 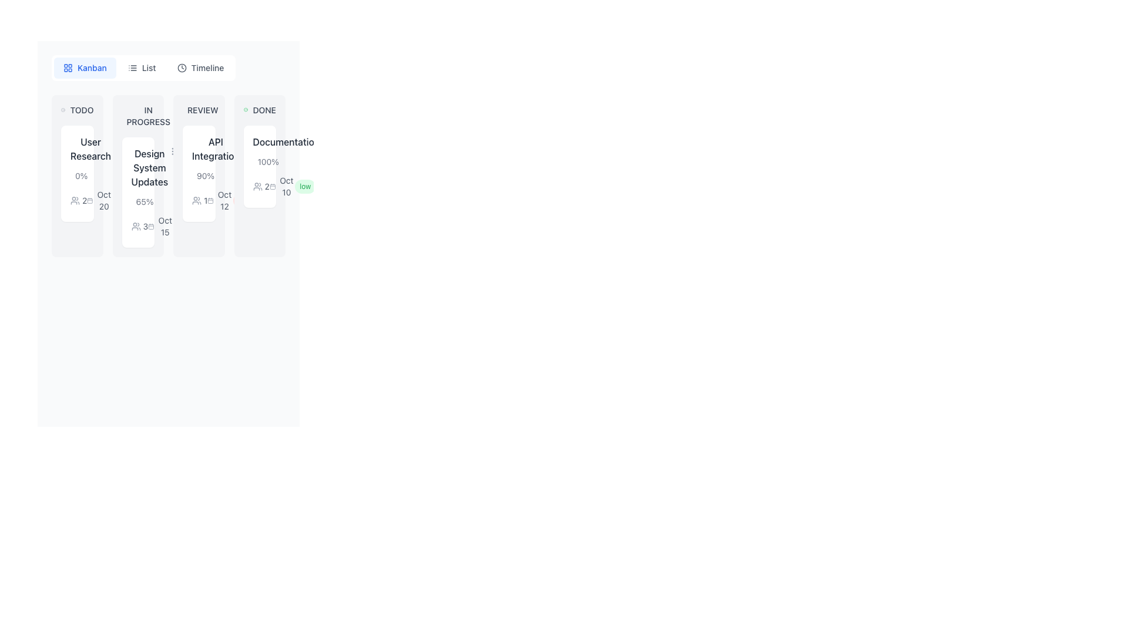 What do you see at coordinates (286, 186) in the screenshot?
I see `the text label indicating the due or completion date in the 'DONE' column, located below the calendar icon and next to the 'low' label` at bounding box center [286, 186].